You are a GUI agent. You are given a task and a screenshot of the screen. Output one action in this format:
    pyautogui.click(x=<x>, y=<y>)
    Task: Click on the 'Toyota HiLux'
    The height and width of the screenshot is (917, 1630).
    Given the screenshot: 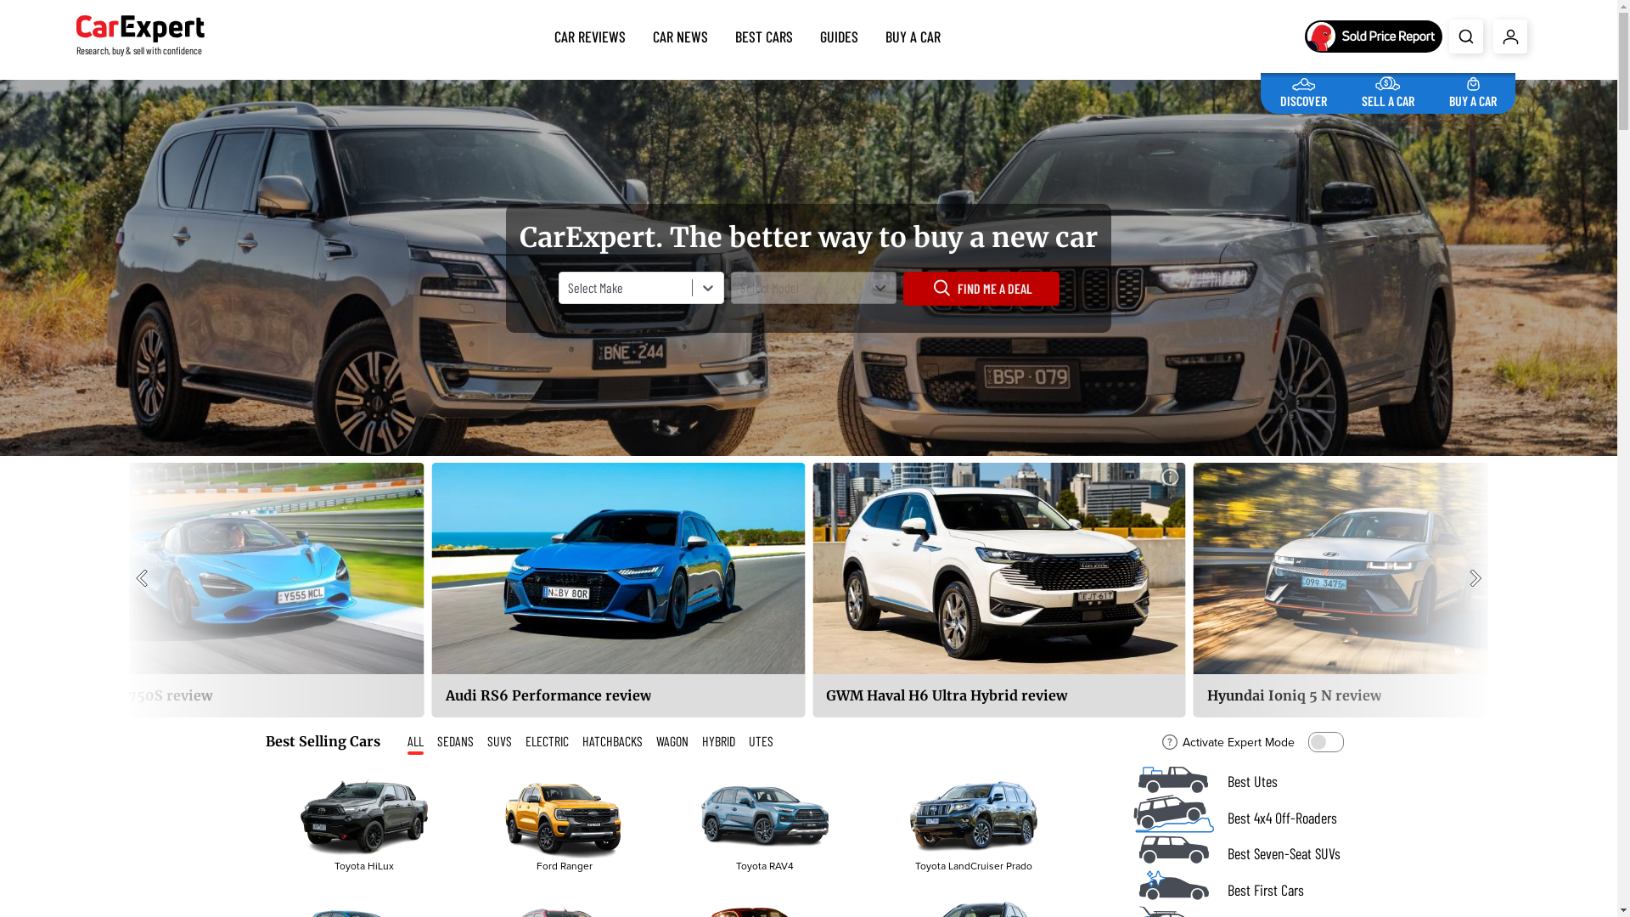 What is the action you would take?
    pyautogui.click(x=363, y=815)
    